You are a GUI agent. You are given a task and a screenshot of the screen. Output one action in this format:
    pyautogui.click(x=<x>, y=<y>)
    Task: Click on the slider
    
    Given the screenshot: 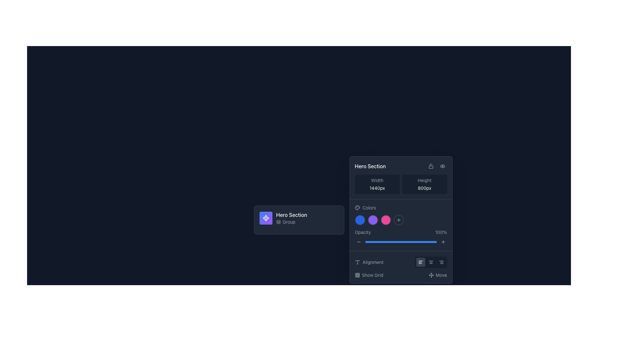 What is the action you would take?
    pyautogui.click(x=400, y=242)
    